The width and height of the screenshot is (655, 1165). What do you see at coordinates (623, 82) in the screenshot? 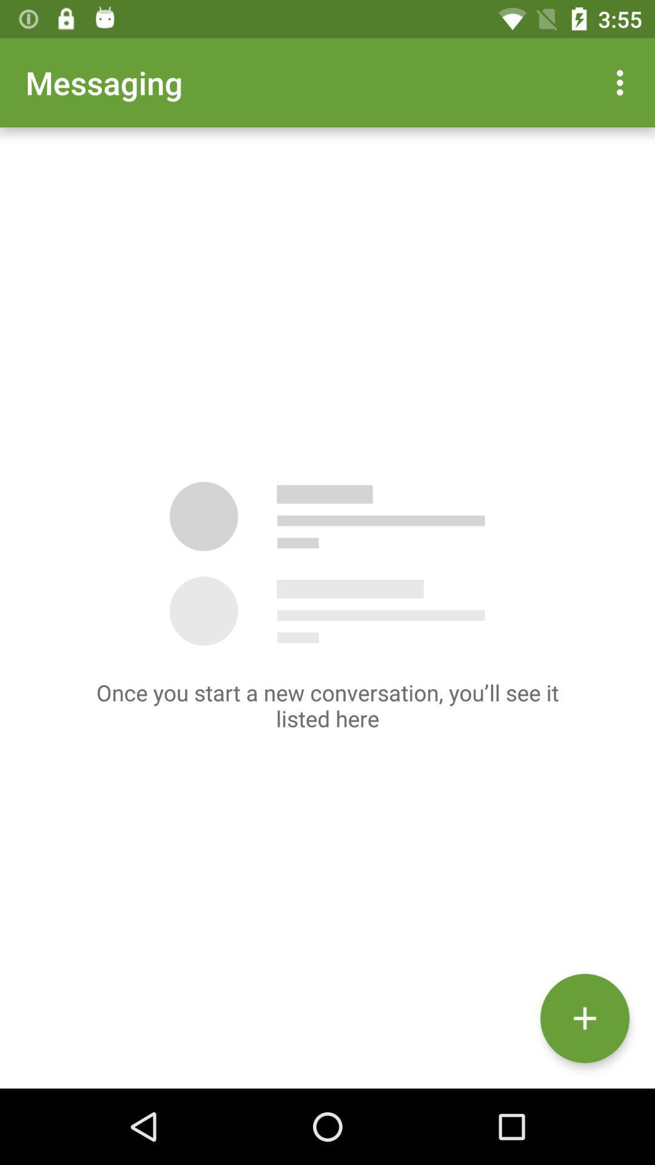
I see `icon to the right of the messaging` at bounding box center [623, 82].